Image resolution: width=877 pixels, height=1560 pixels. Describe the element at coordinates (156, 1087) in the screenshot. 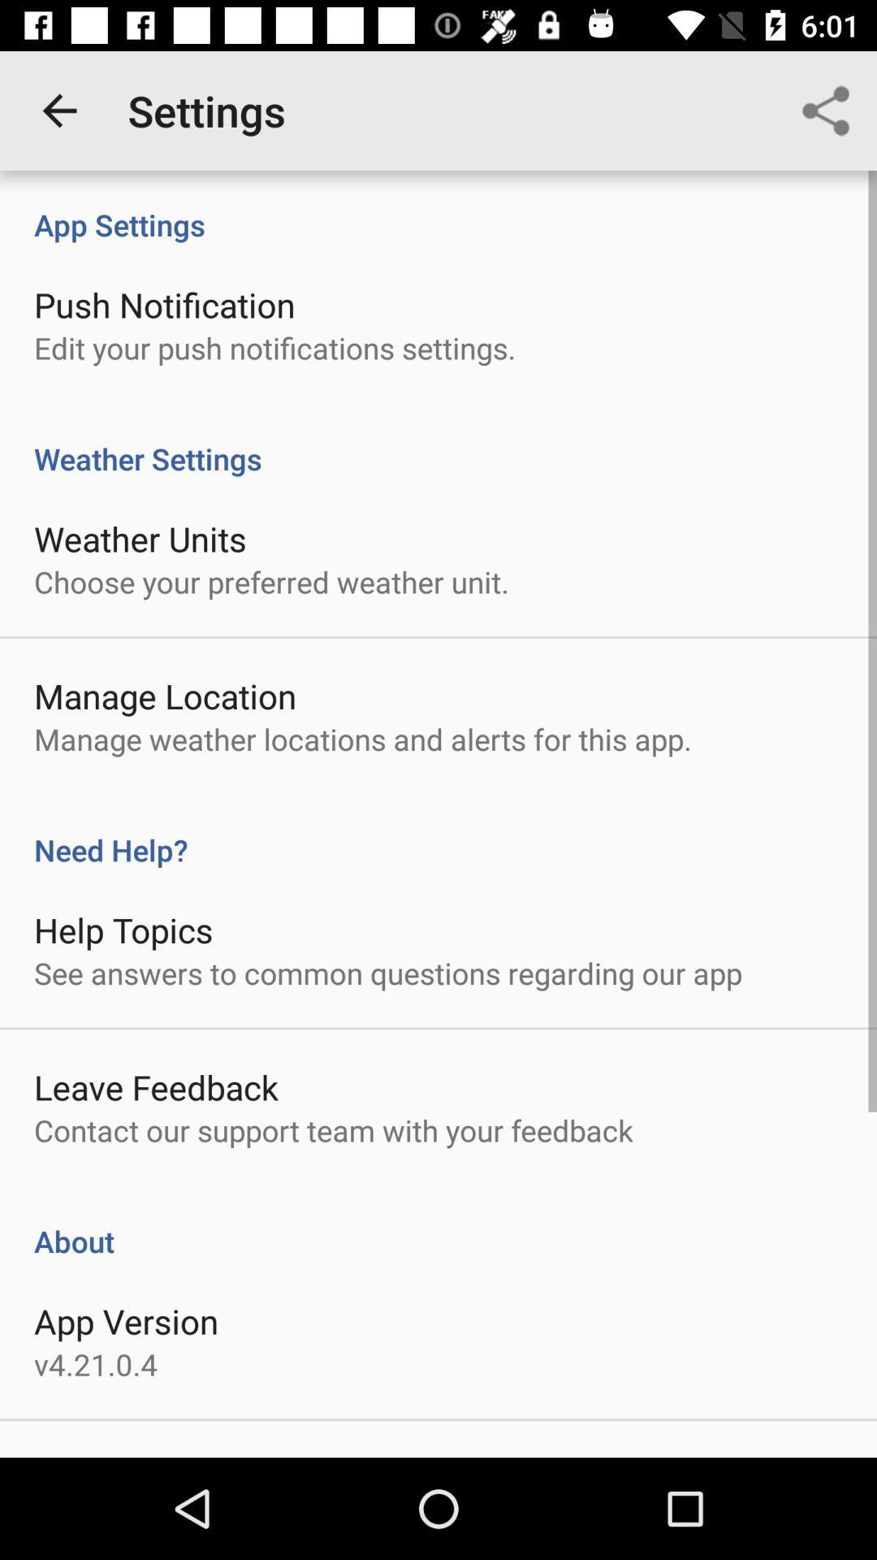

I see `the item above contact our support item` at that location.